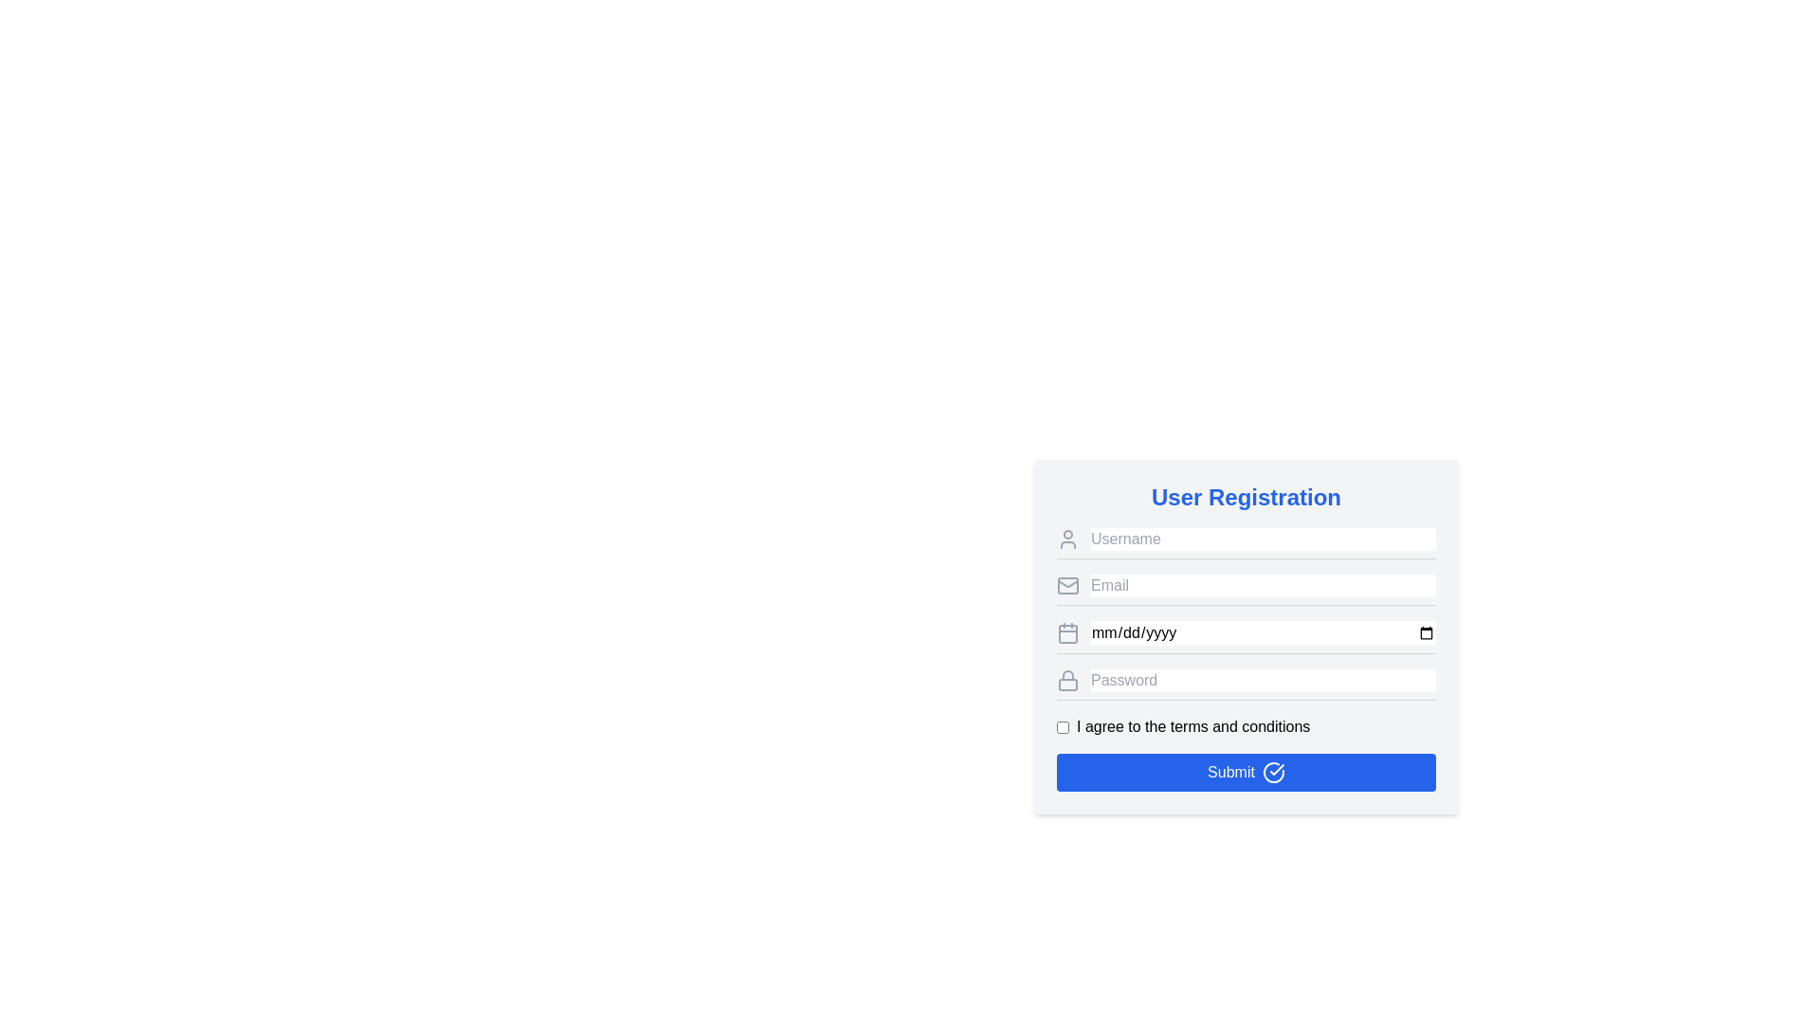 Image resolution: width=1820 pixels, height=1024 pixels. What do you see at coordinates (1068, 539) in the screenshot?
I see `the tooltip or associated information for the user silhouette icon located to the left of the 'Username' input field in the 'User Registration' form` at bounding box center [1068, 539].